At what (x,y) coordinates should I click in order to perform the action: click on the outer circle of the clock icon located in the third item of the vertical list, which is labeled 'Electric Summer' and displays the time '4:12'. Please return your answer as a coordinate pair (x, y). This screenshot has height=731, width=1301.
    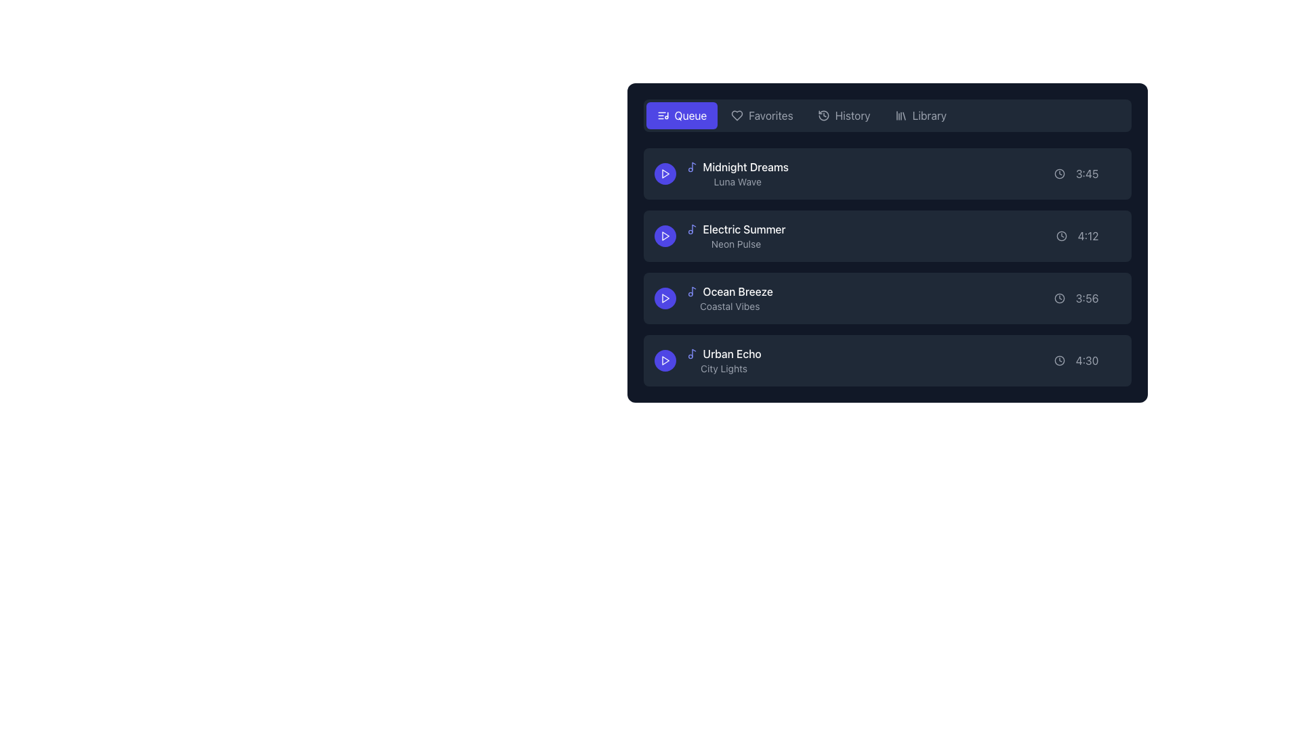
    Looking at the image, I should click on (1060, 235).